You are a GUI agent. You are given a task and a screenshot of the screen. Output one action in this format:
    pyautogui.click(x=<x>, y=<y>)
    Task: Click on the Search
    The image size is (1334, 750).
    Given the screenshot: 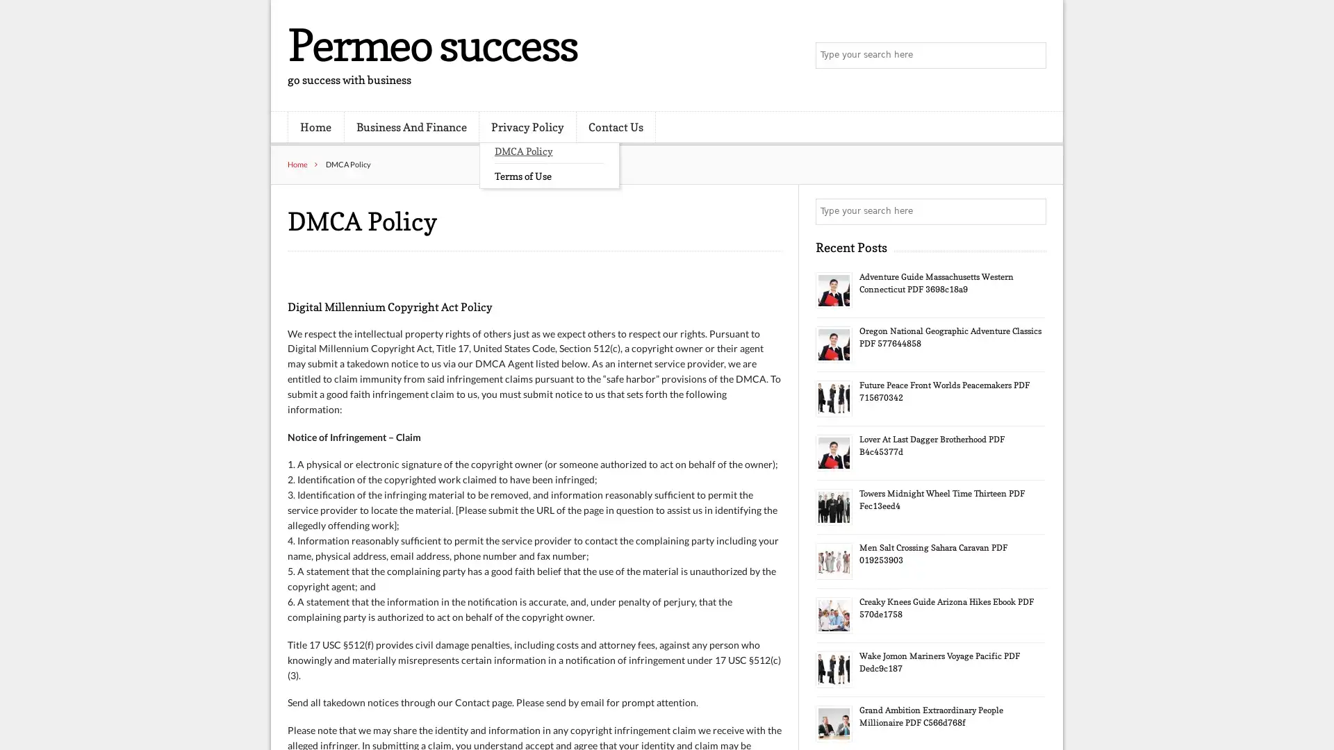 What is the action you would take?
    pyautogui.click(x=1032, y=56)
    